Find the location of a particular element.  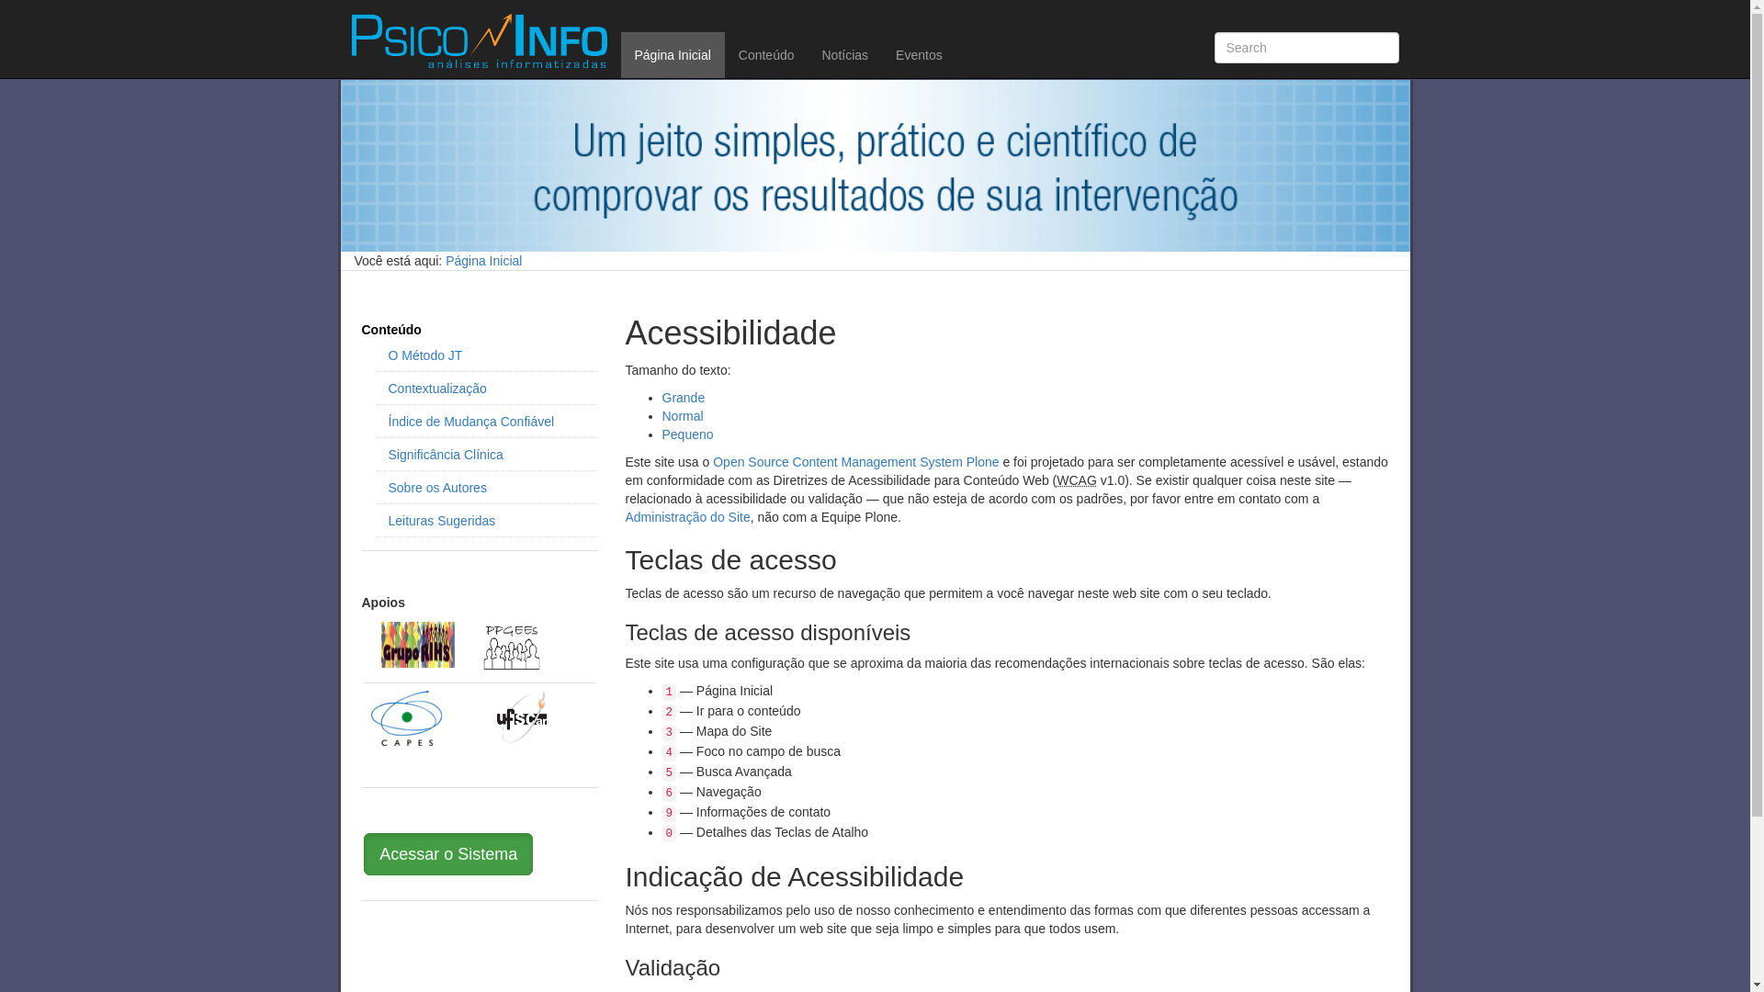

'Leituras Sugeridas' is located at coordinates (485, 521).